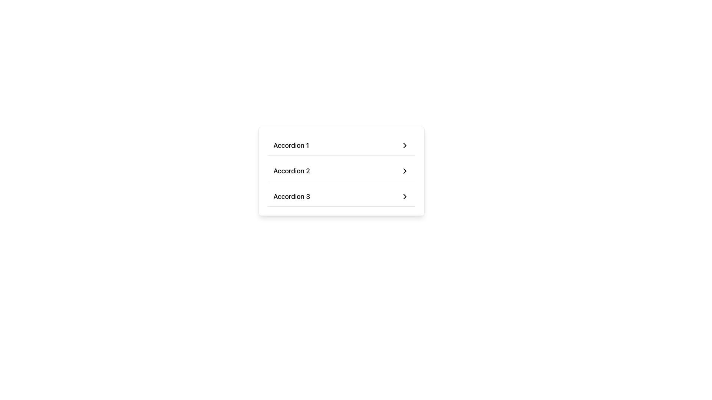  What do you see at coordinates (404, 196) in the screenshot?
I see `the right-facing chevron icon located on the far right of the 'Accordion 3' interactive item for additional visual feedback` at bounding box center [404, 196].